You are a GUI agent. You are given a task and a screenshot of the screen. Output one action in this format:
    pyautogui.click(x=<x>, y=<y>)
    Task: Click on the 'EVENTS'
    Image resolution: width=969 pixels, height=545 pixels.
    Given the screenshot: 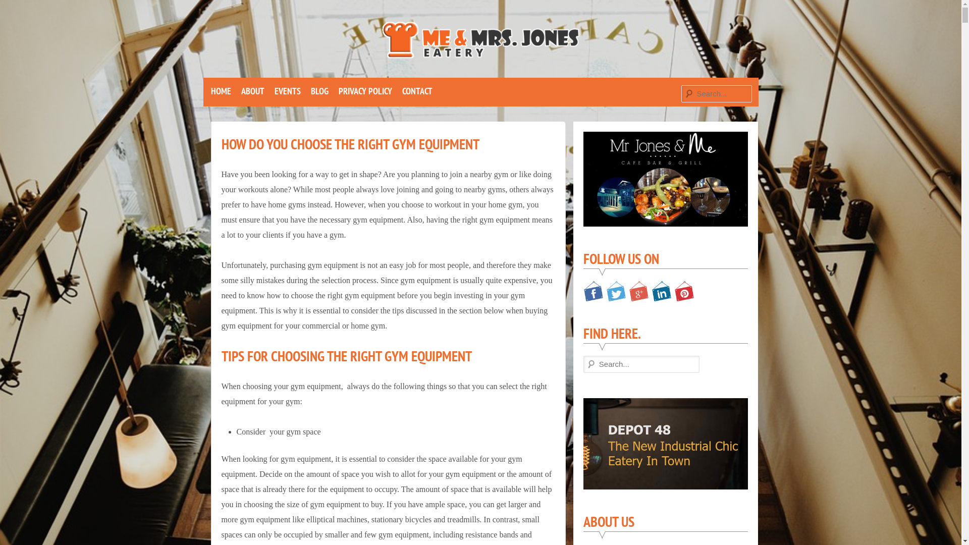 What is the action you would take?
    pyautogui.click(x=287, y=91)
    